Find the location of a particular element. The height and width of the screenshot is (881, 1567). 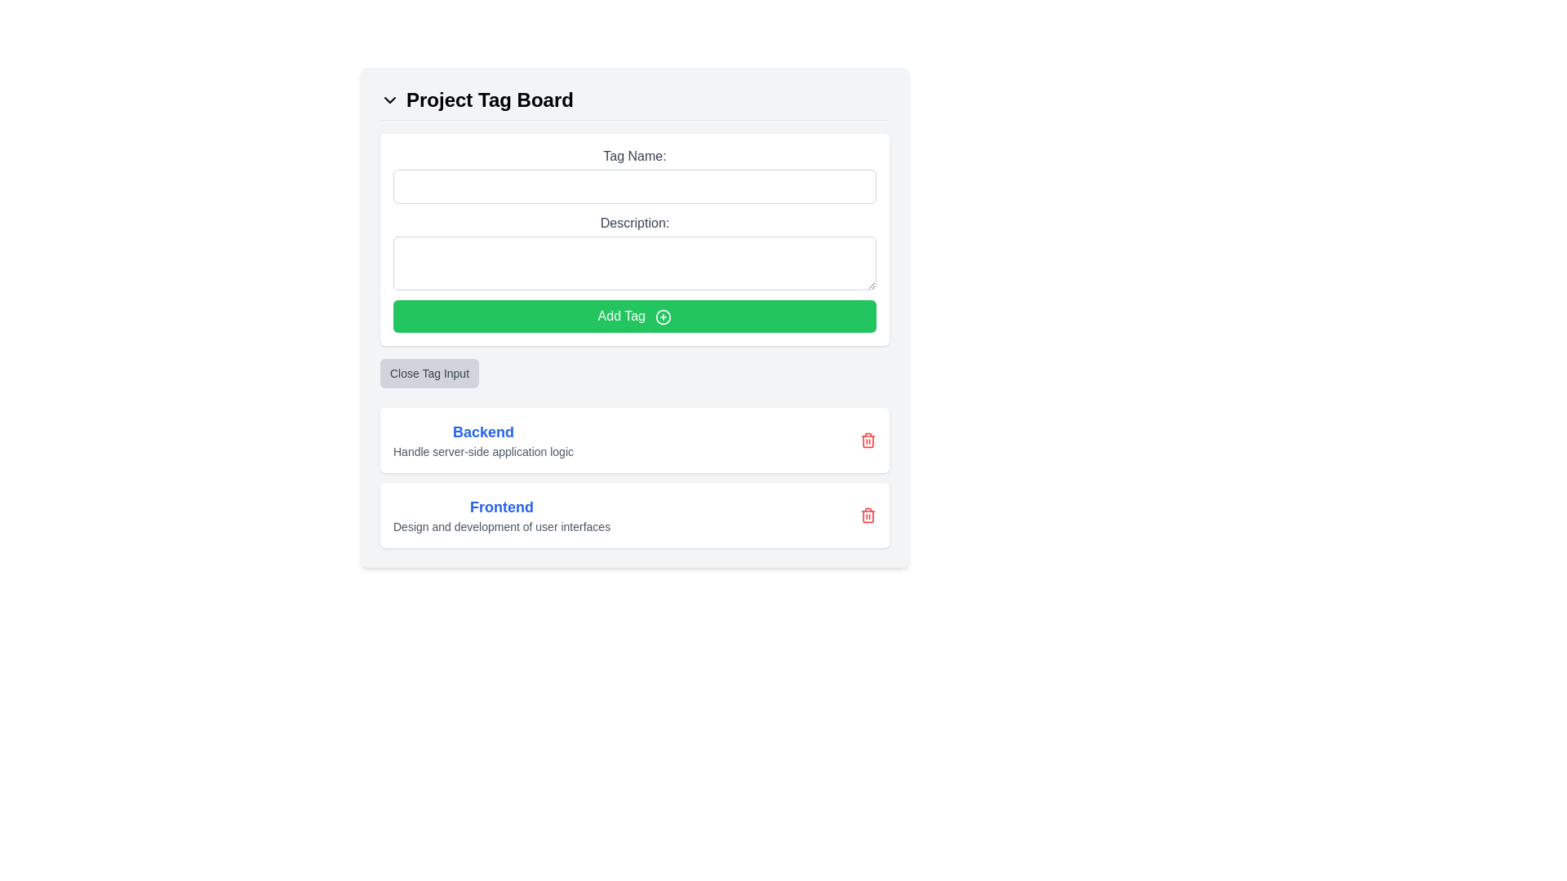

the addition icon located to the right of the 'Add Tag' text within the green 'Add Tag' button is located at coordinates (664, 317).